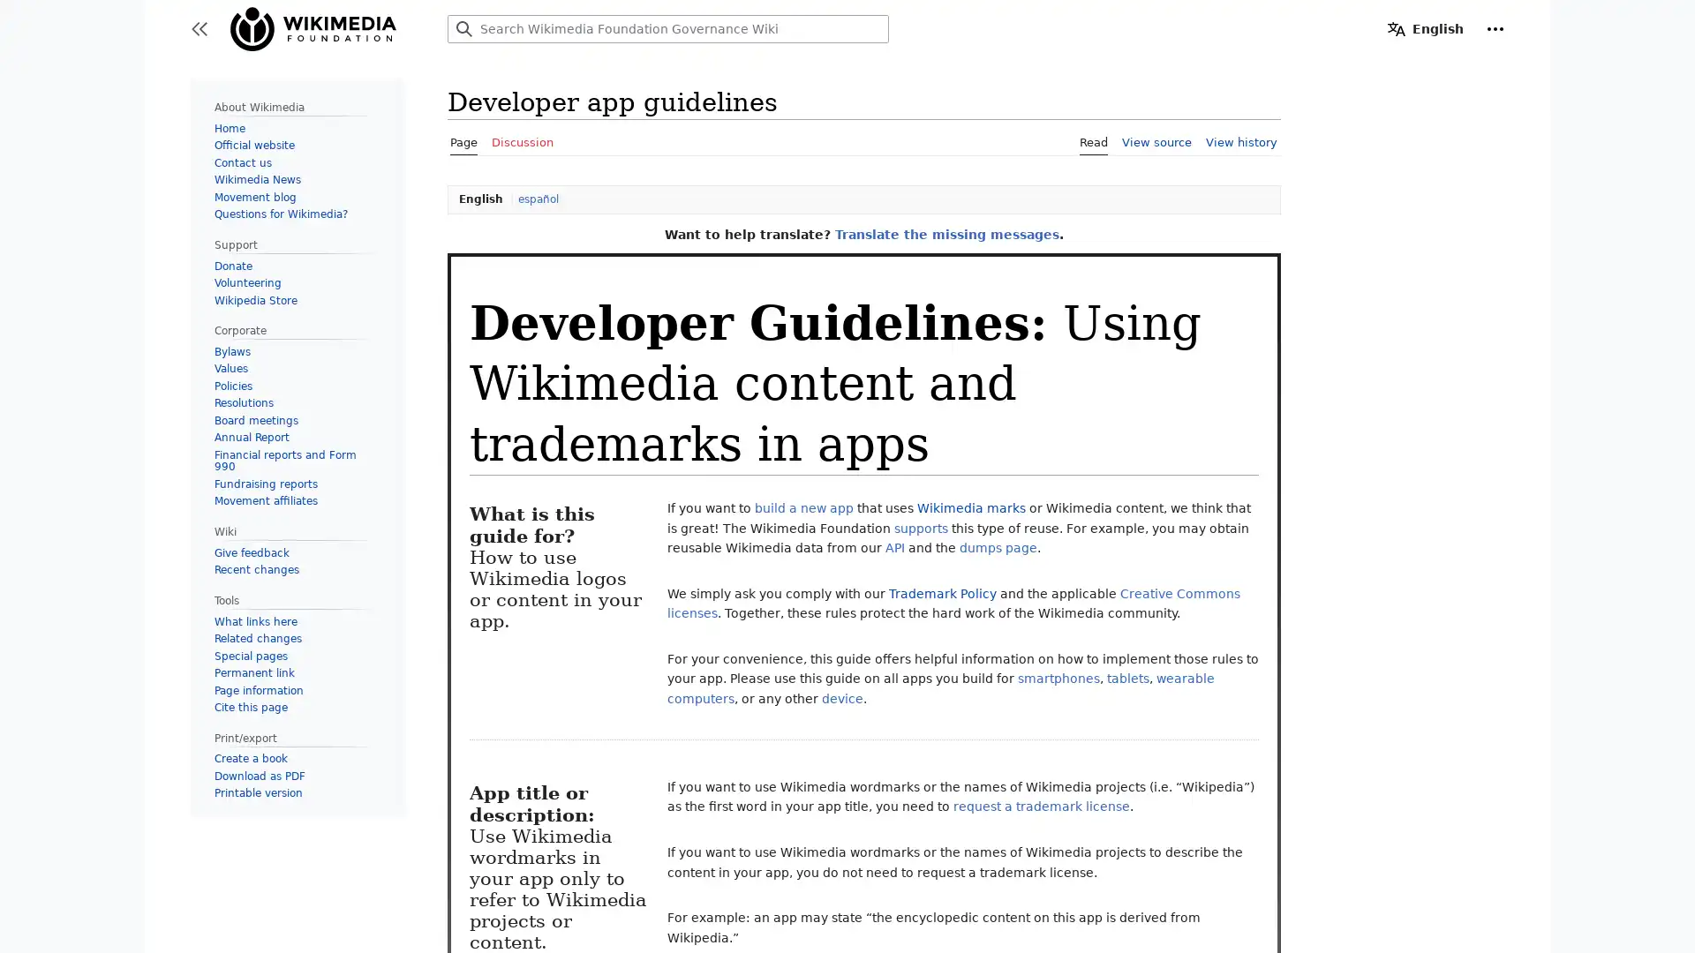 The height and width of the screenshot is (953, 1695). What do you see at coordinates (464, 29) in the screenshot?
I see `Go` at bounding box center [464, 29].